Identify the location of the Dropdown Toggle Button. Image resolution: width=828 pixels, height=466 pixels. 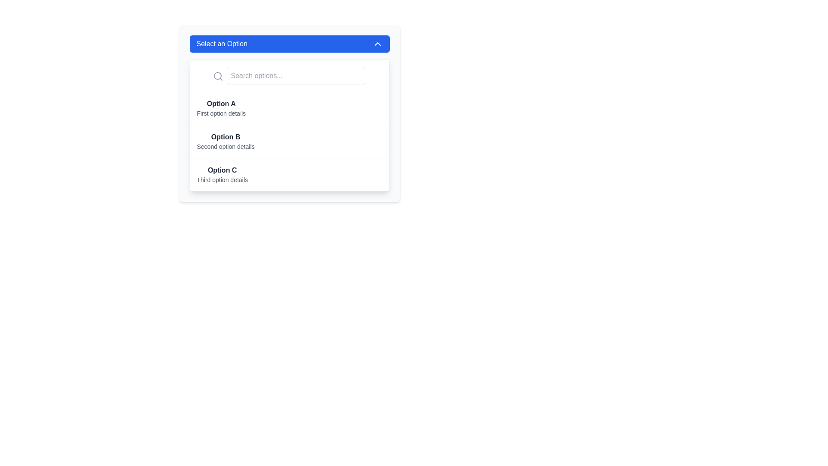
(289, 44).